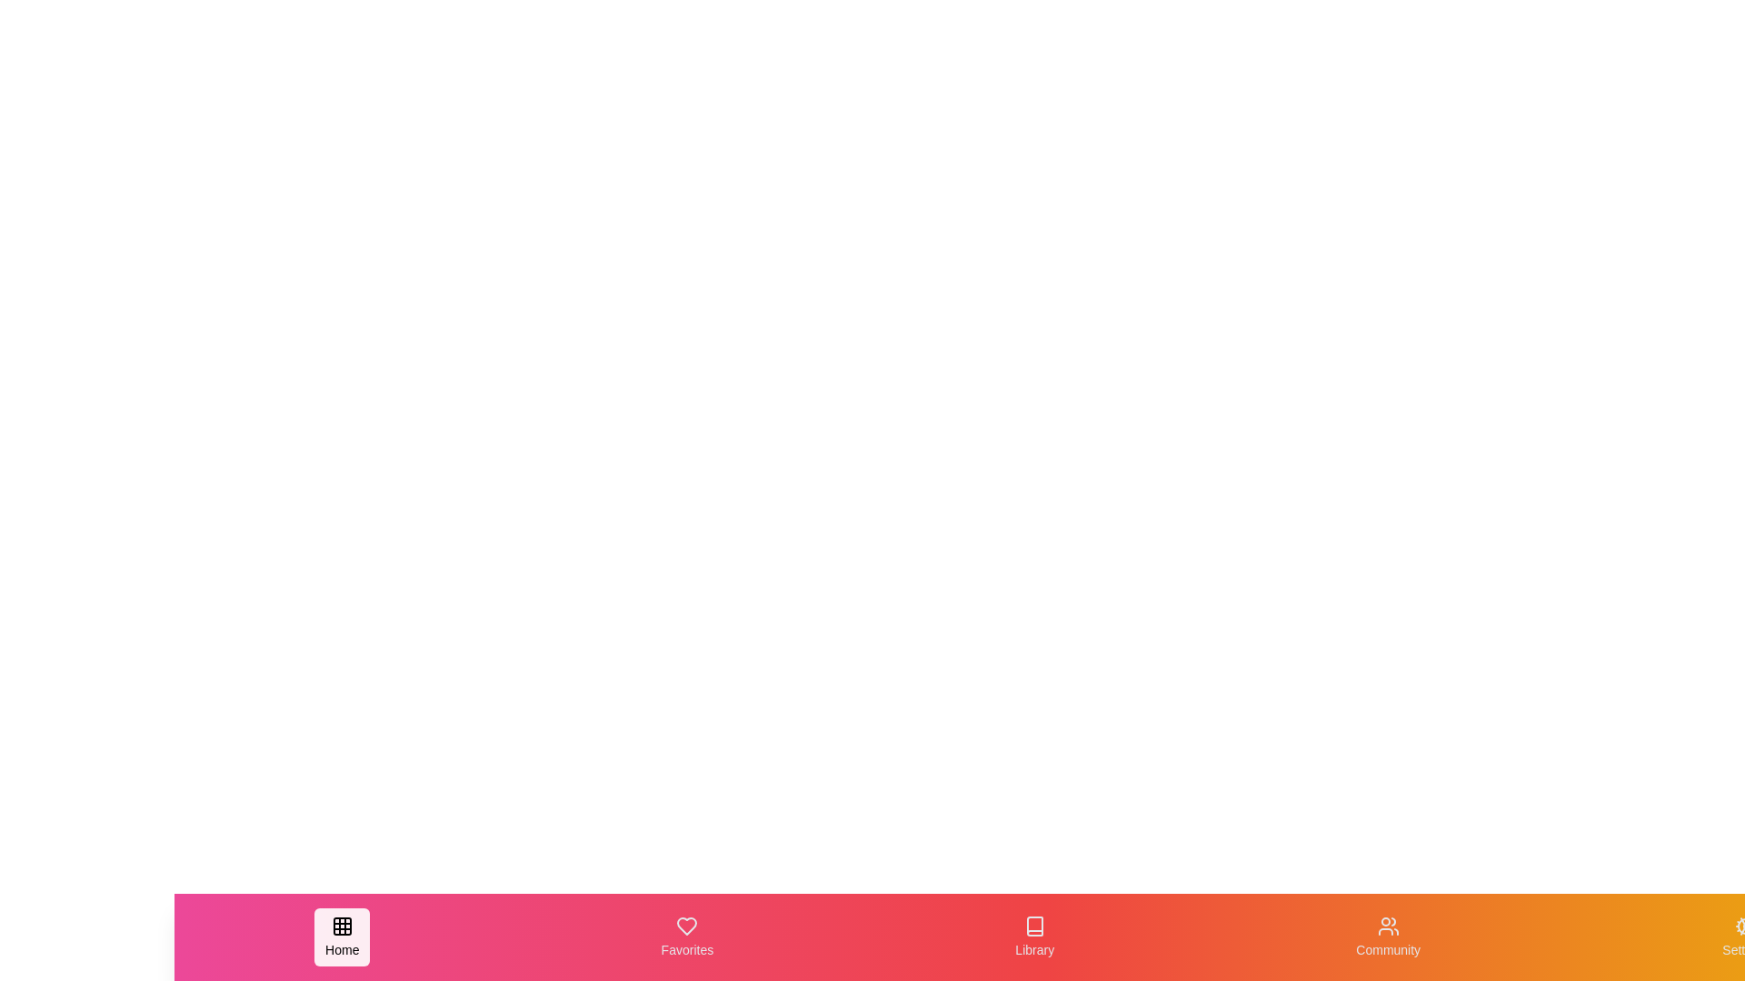 This screenshot has height=981, width=1745. Describe the element at coordinates (686, 937) in the screenshot. I see `the navigation item Favorites` at that location.